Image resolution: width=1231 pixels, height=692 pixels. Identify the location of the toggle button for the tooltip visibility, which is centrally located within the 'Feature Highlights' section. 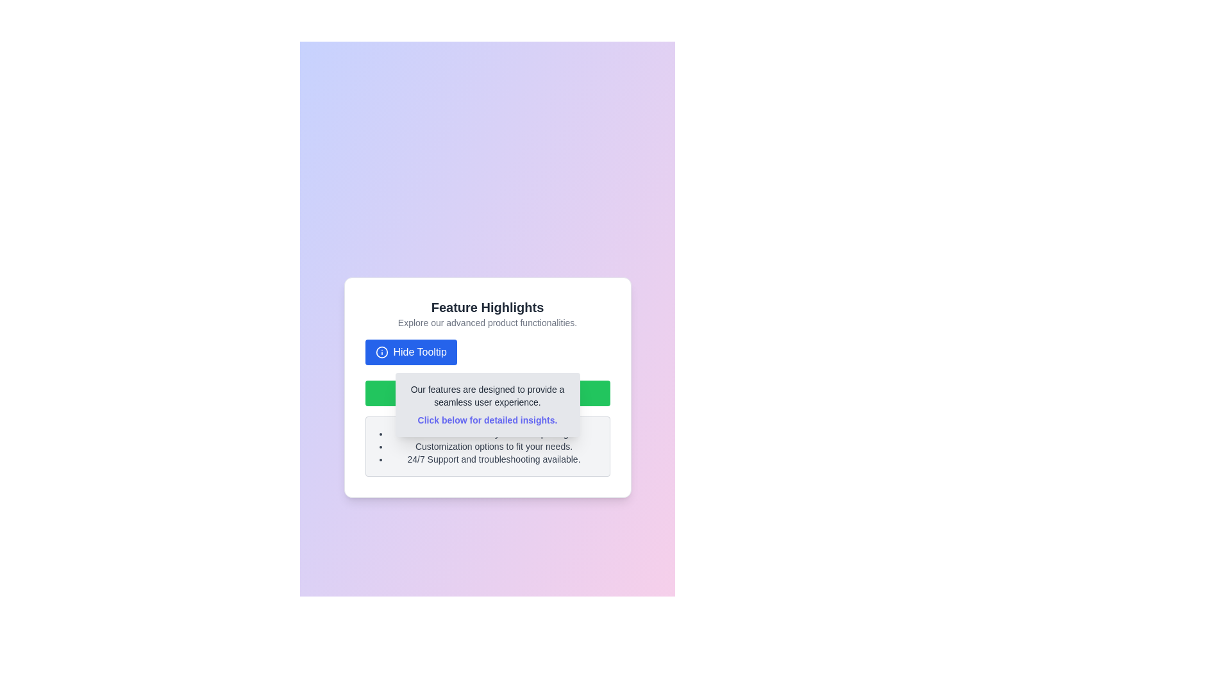
(411, 352).